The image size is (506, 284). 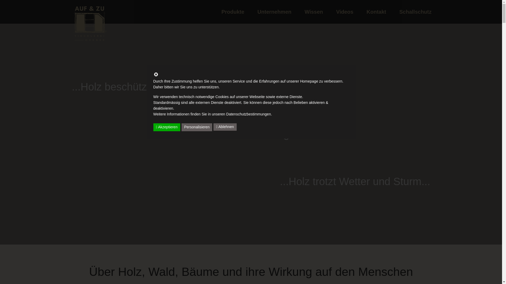 What do you see at coordinates (274, 12) in the screenshot?
I see `'Unternehmen'` at bounding box center [274, 12].